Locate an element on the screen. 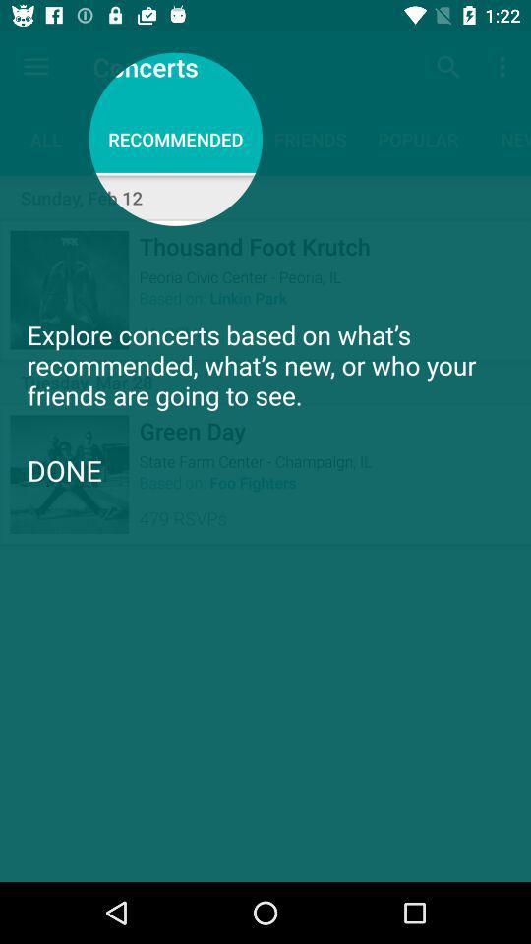 The image size is (531, 944). three vertical dots at top right corner of the page is located at coordinates (505, 67).